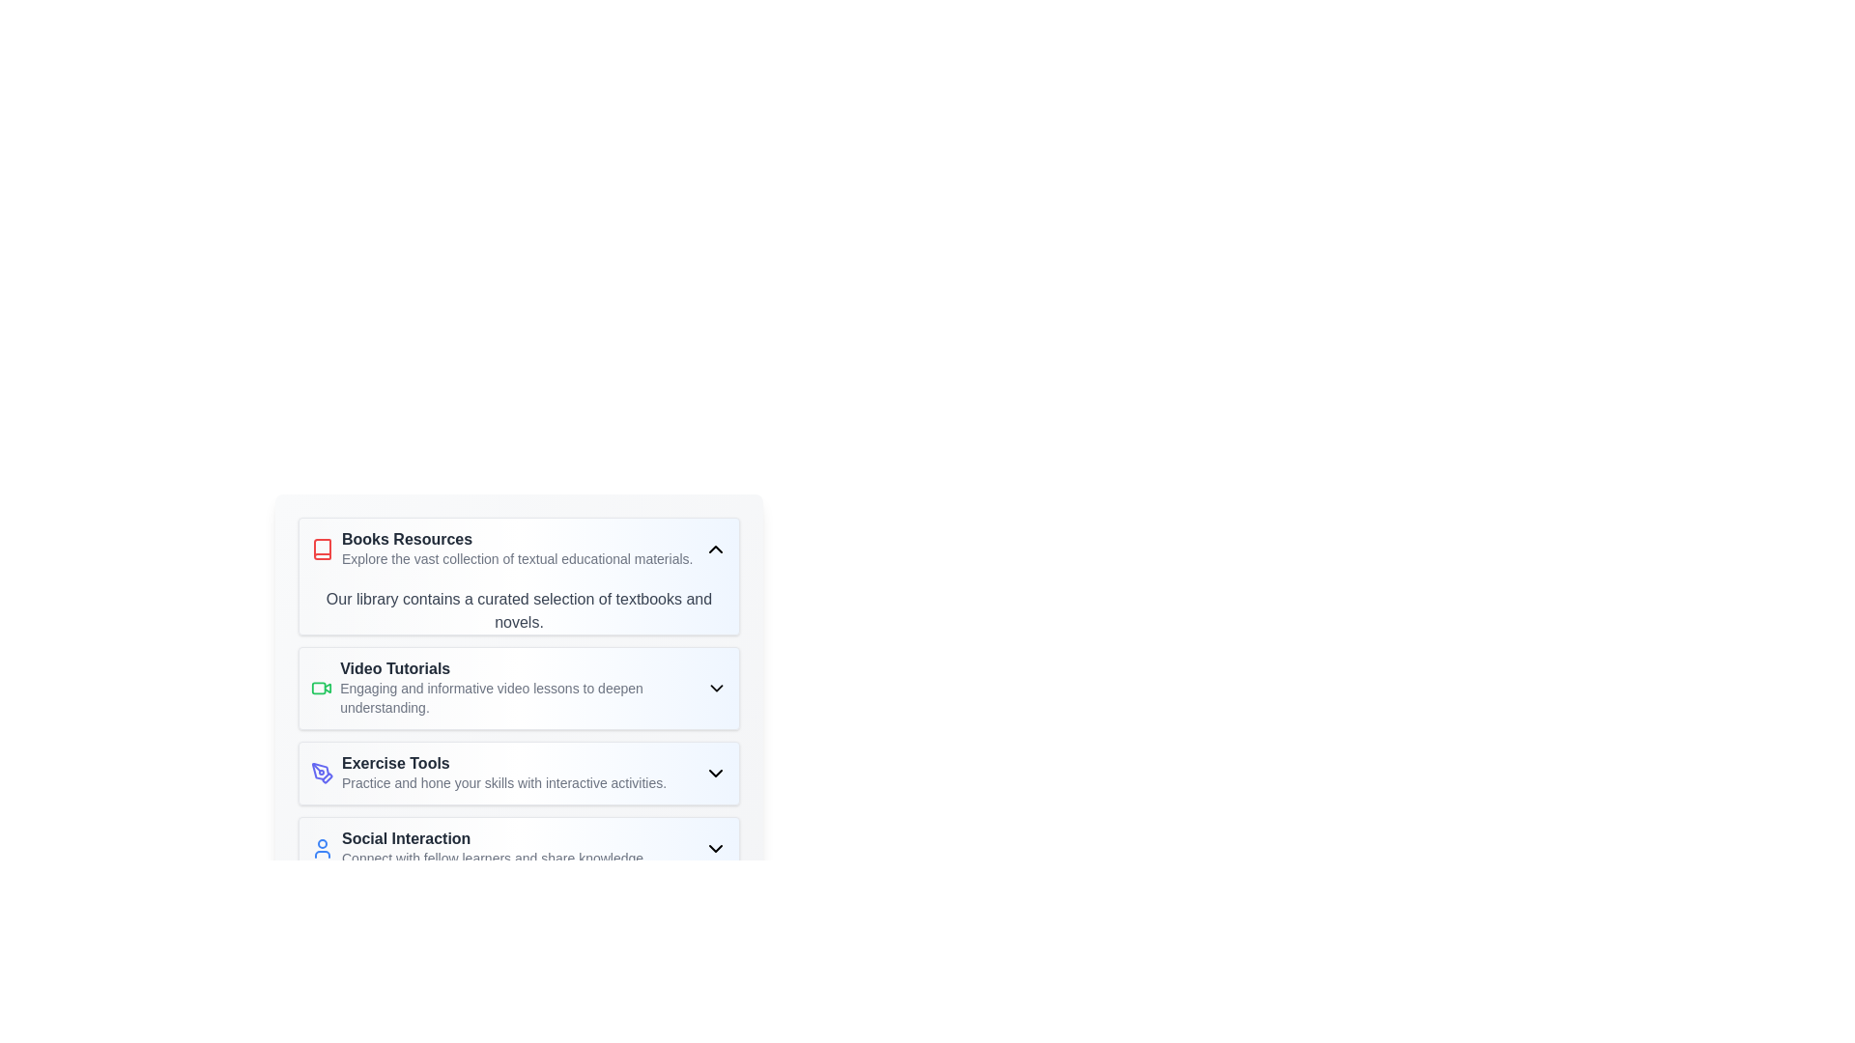 Image resolution: width=1855 pixels, height=1043 pixels. Describe the element at coordinates (322, 688) in the screenshot. I see `the small green video camera icon located to the left of the 'Video Tutorials' text, which is the second section beneath 'Books Resources.'` at that location.